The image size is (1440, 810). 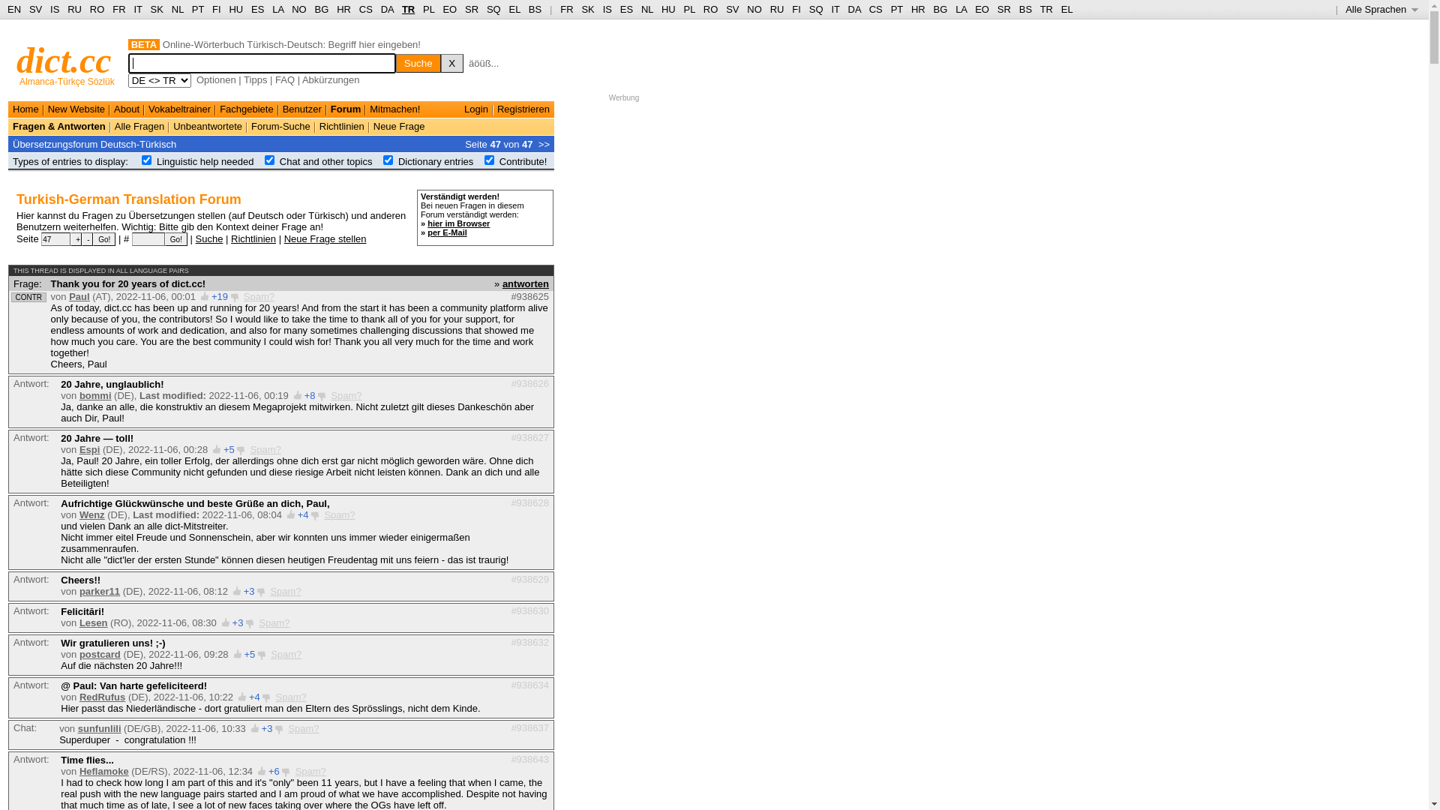 I want to click on 'Mitmachen!', so click(x=370, y=108).